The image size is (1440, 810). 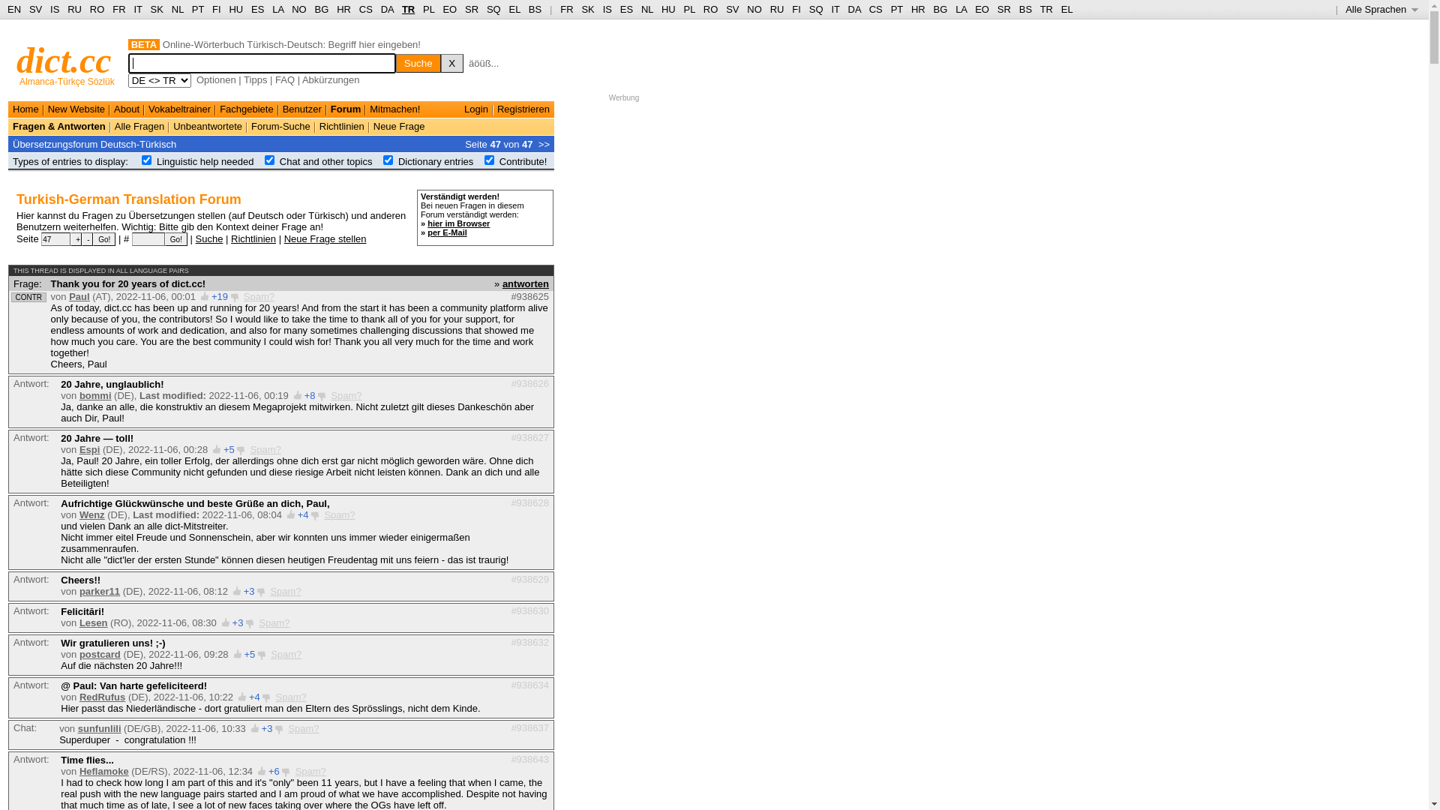 I want to click on 'Mitmachen!', so click(x=370, y=108).